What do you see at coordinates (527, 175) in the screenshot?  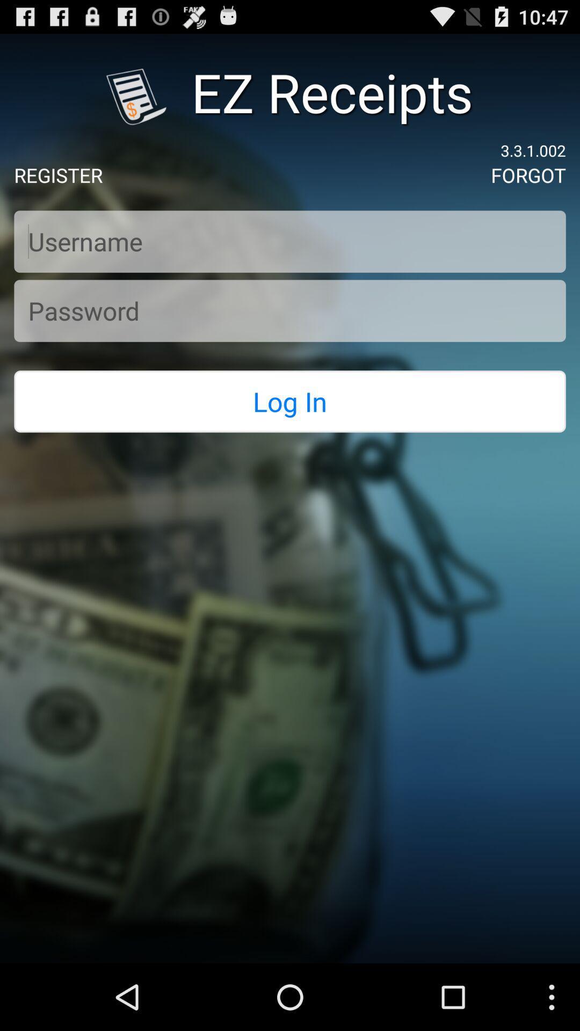 I see `the forgot` at bounding box center [527, 175].